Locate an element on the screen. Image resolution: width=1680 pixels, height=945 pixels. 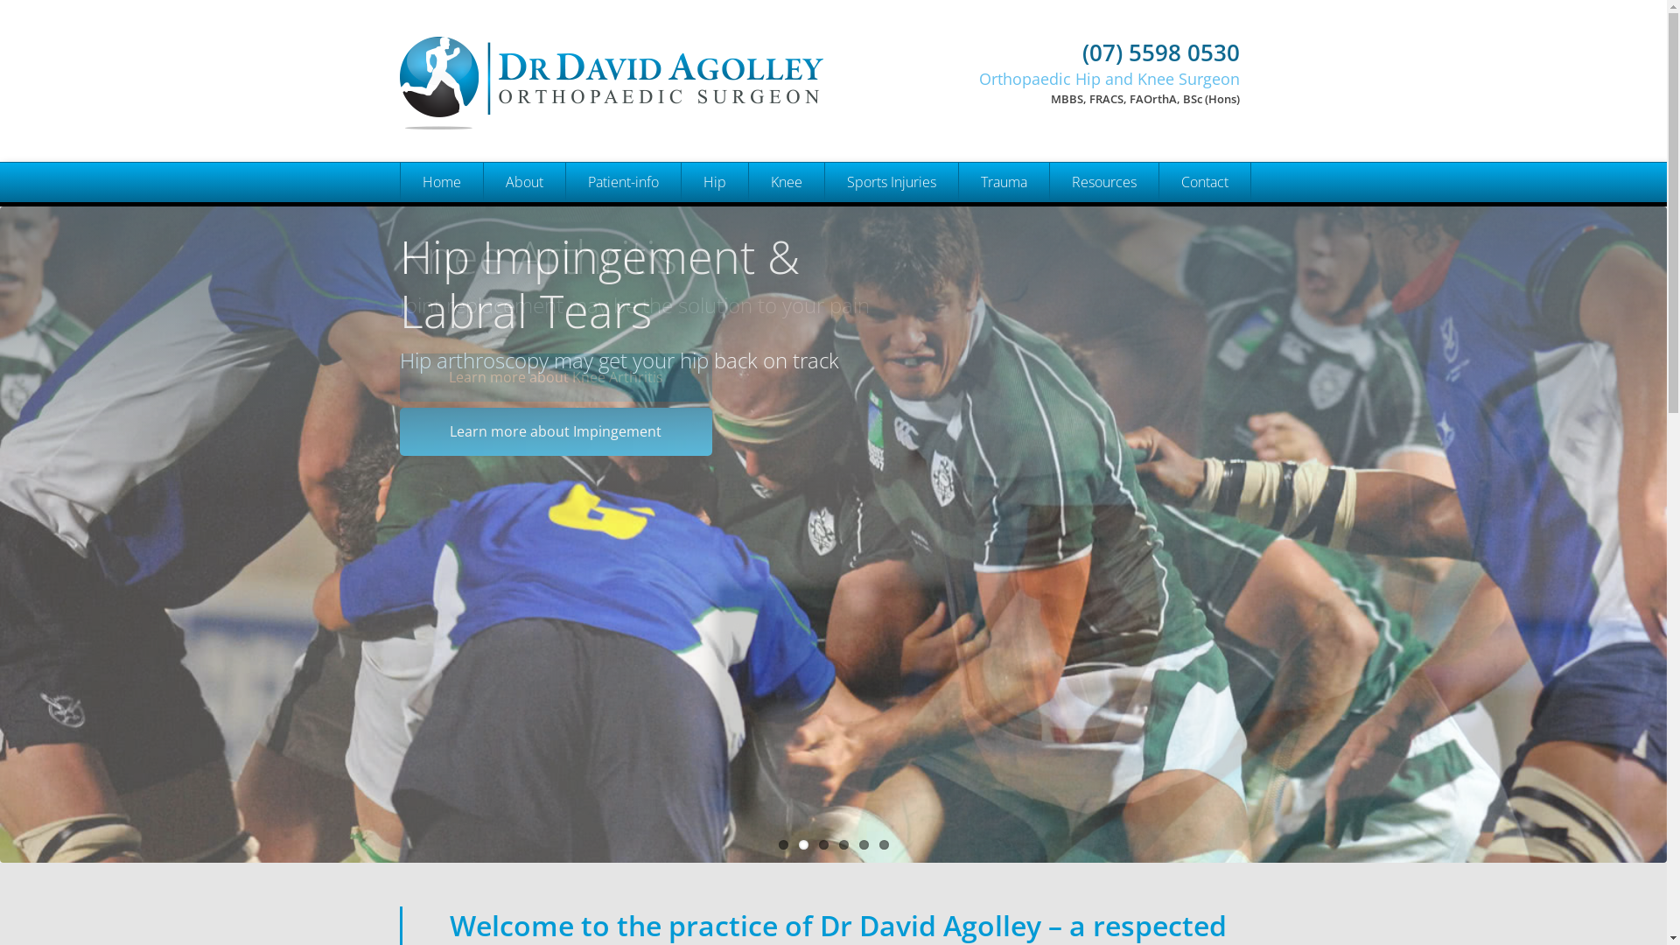
'Appointments' is located at coordinates (622, 299).